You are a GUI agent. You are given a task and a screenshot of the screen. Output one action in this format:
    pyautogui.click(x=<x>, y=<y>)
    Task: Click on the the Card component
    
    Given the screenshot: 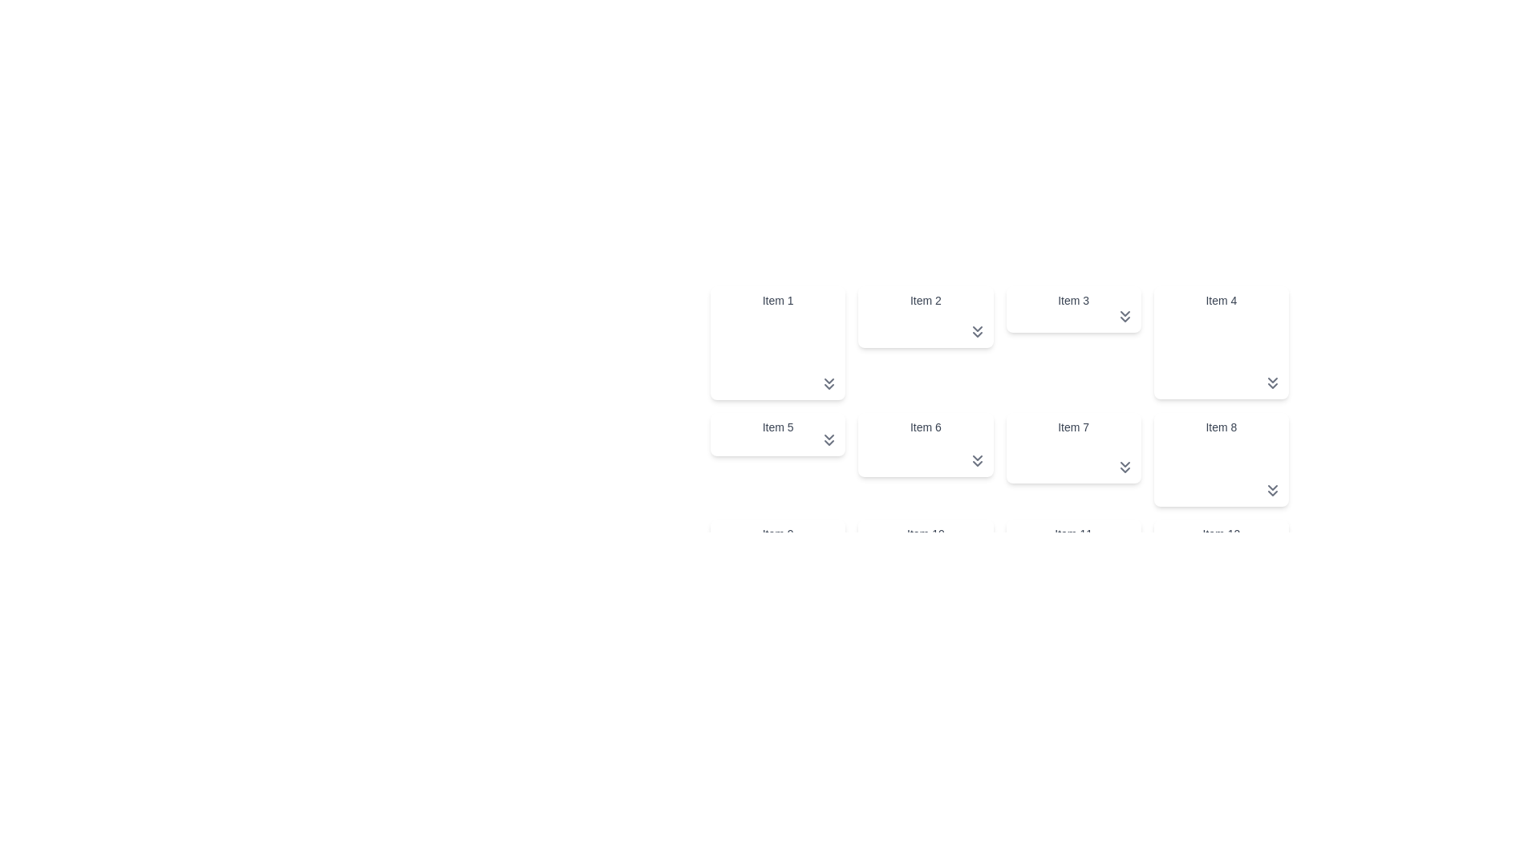 What is the action you would take?
    pyautogui.click(x=1073, y=448)
    